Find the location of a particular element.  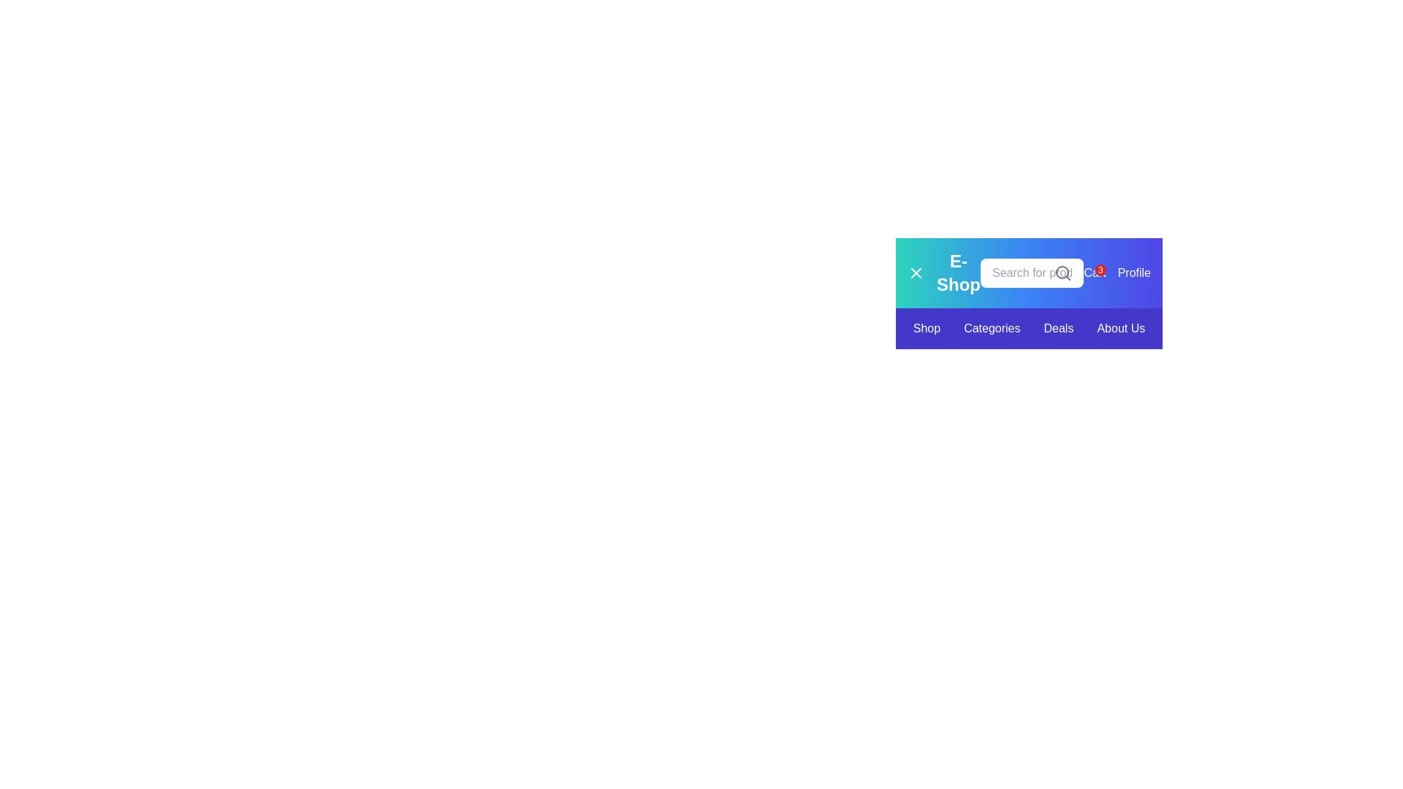

the red circular notification badge displaying the number '3' is located at coordinates (1100, 270).